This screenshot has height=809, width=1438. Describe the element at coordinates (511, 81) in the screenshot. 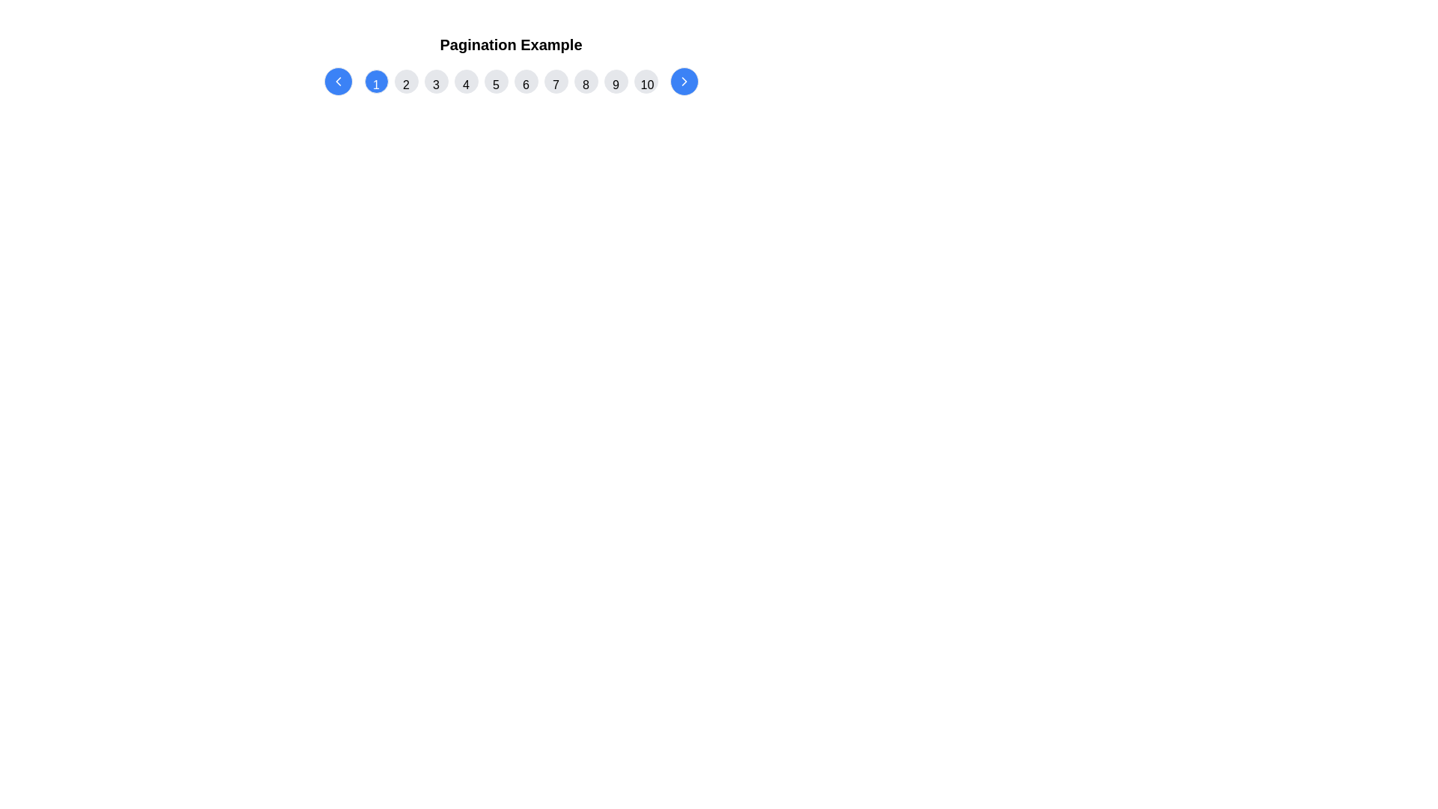

I see `the numeric button labeled '6' in the pagination component` at that location.